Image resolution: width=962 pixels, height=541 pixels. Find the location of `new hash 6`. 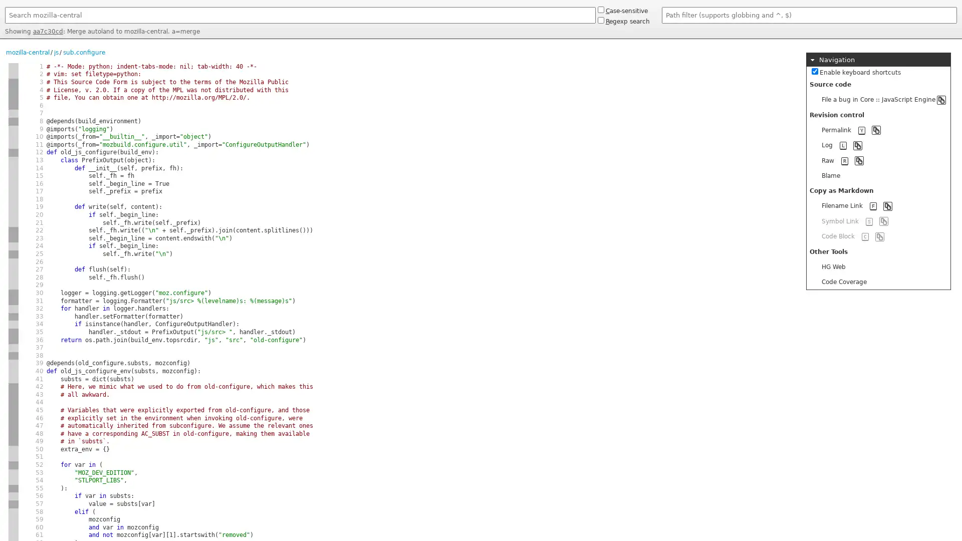

new hash 6 is located at coordinates (14, 160).